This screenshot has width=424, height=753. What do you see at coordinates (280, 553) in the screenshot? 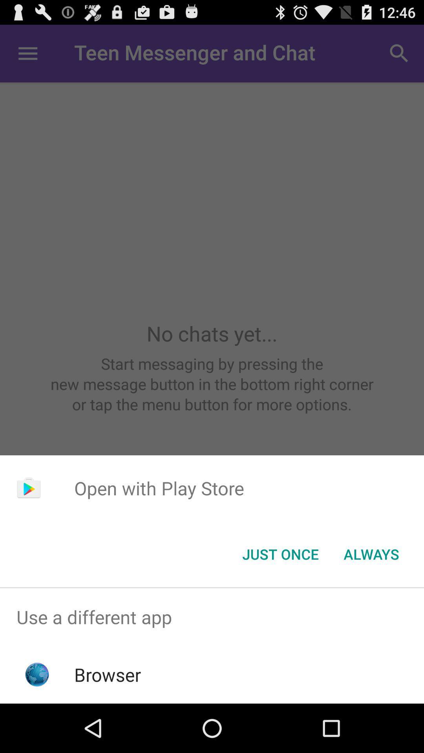
I see `app below the open with play app` at bounding box center [280, 553].